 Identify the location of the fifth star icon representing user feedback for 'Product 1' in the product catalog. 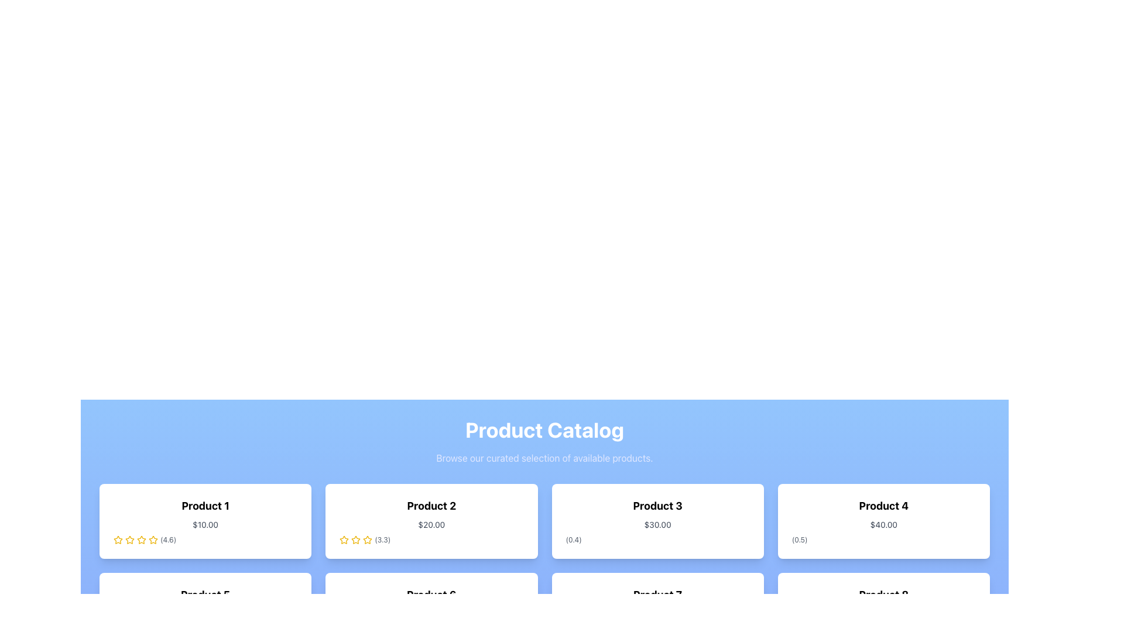
(140, 540).